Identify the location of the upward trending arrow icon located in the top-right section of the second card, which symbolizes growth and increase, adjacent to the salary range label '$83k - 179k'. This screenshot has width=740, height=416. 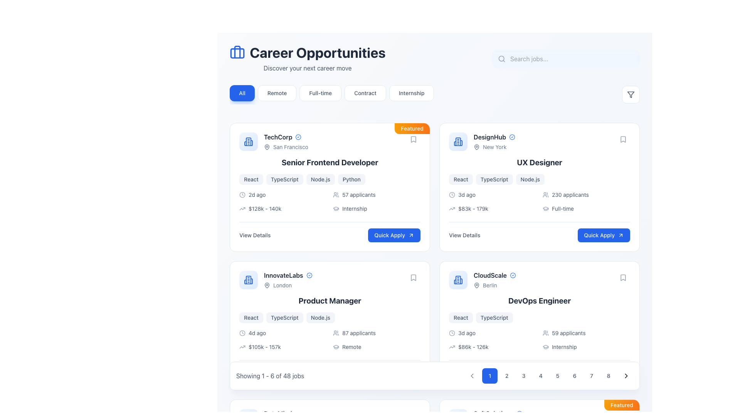
(452, 209).